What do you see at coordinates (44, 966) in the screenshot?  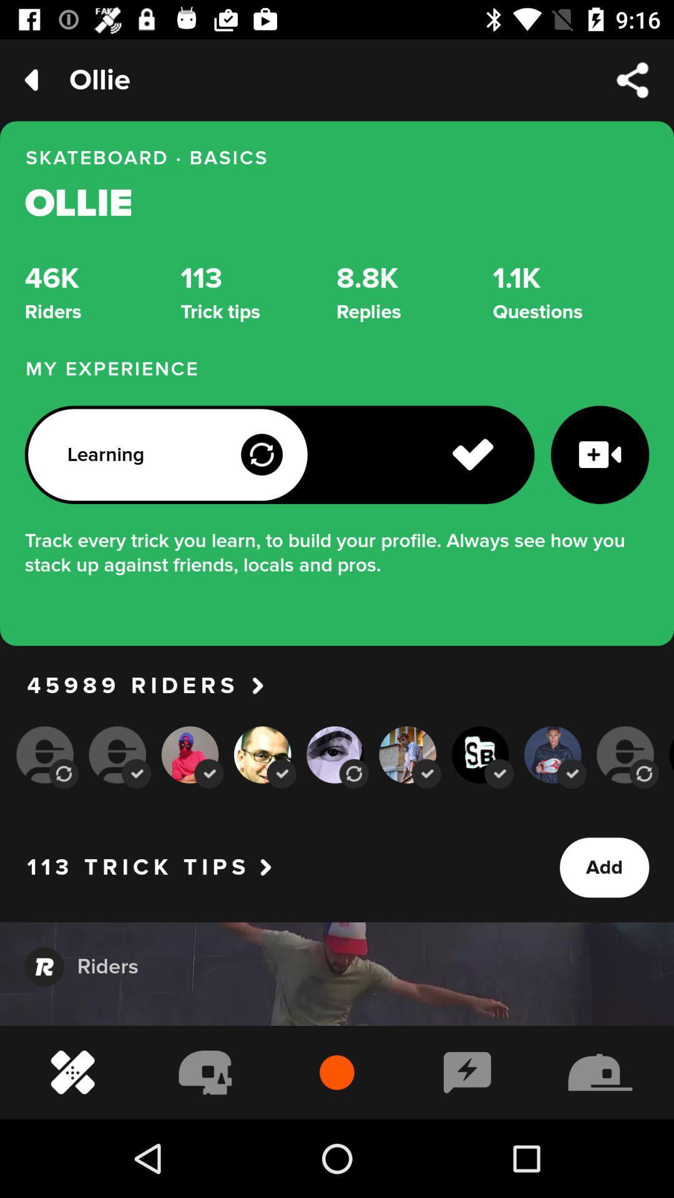 I see `the chat icon` at bounding box center [44, 966].